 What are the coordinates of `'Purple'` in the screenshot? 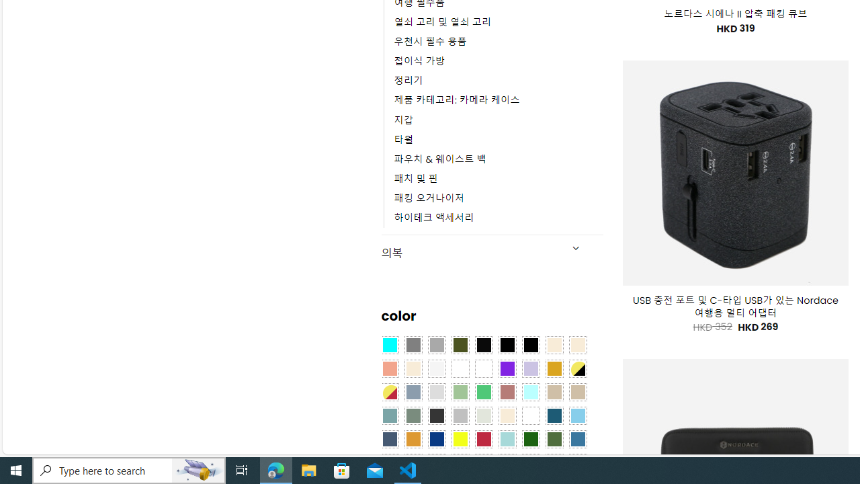 It's located at (507, 369).